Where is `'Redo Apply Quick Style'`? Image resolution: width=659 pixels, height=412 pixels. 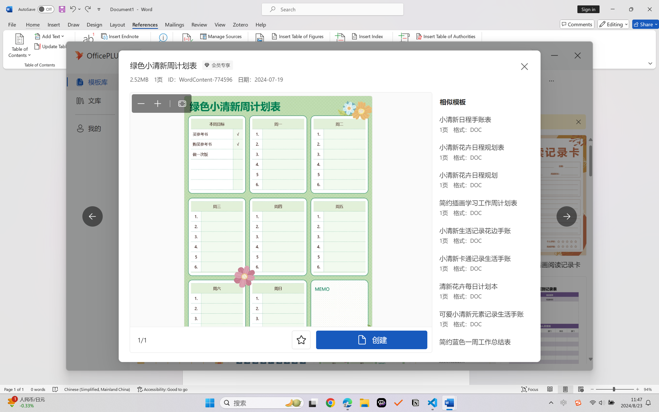 'Redo Apply Quick Style' is located at coordinates (87, 9).